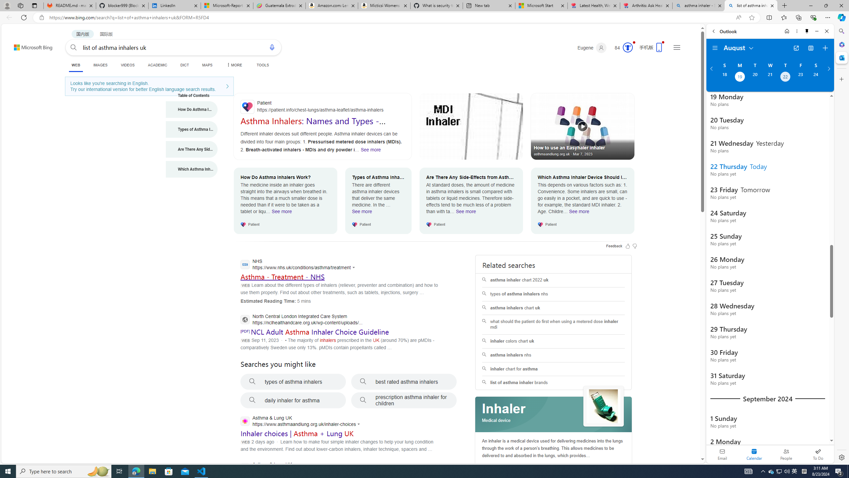  Describe the element at coordinates (29, 45) in the screenshot. I see `'Back to Bing search'` at that location.